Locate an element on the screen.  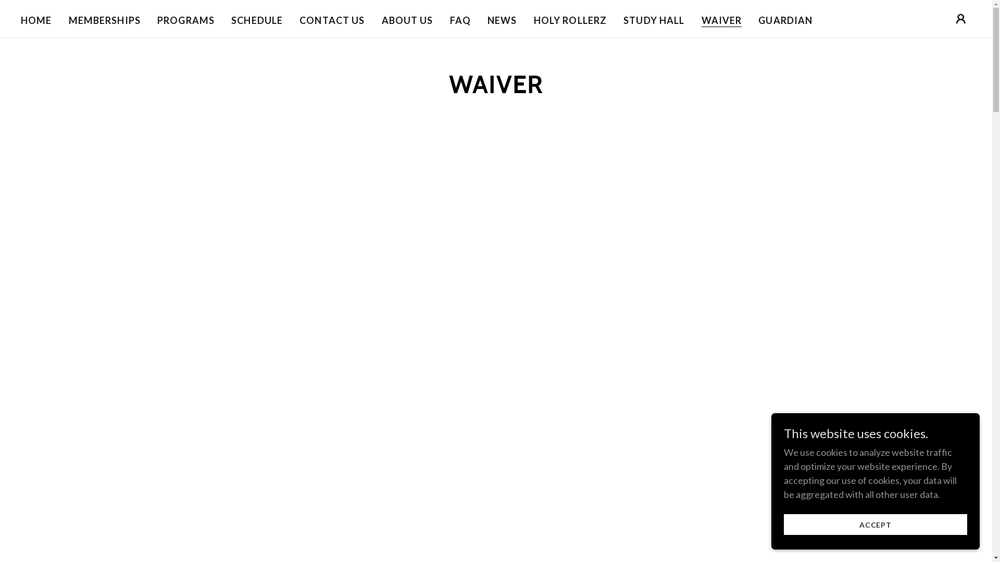
'STUDY HALL' is located at coordinates (653, 20).